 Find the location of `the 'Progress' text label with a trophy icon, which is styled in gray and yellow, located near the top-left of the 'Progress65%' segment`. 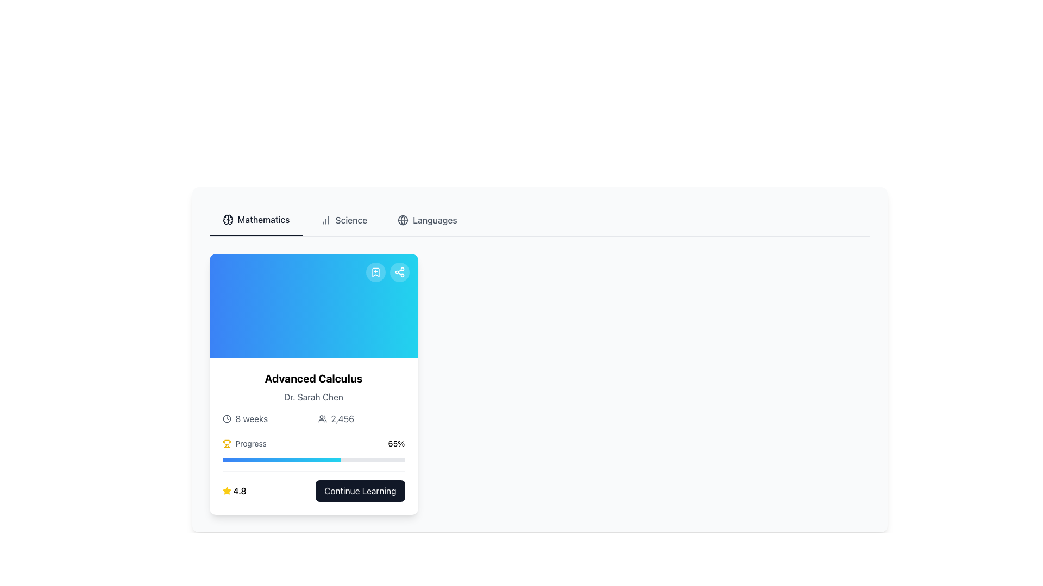

the 'Progress' text label with a trophy icon, which is styled in gray and yellow, located near the top-left of the 'Progress65%' segment is located at coordinates (244, 443).